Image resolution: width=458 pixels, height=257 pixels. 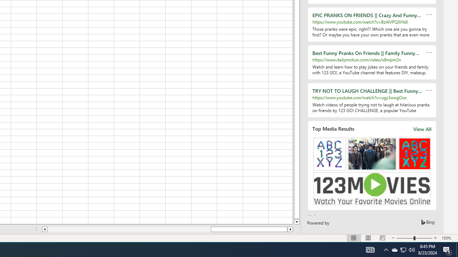 I want to click on 'Notification Chevron', so click(x=386, y=249).